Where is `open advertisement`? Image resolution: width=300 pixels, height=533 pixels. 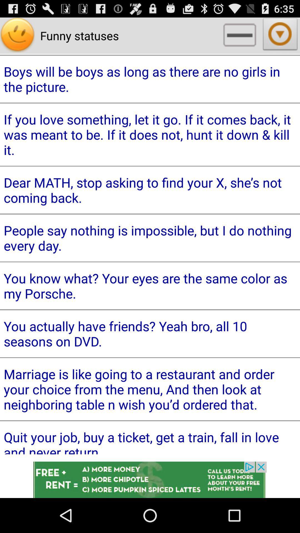
open advertisement is located at coordinates (150, 479).